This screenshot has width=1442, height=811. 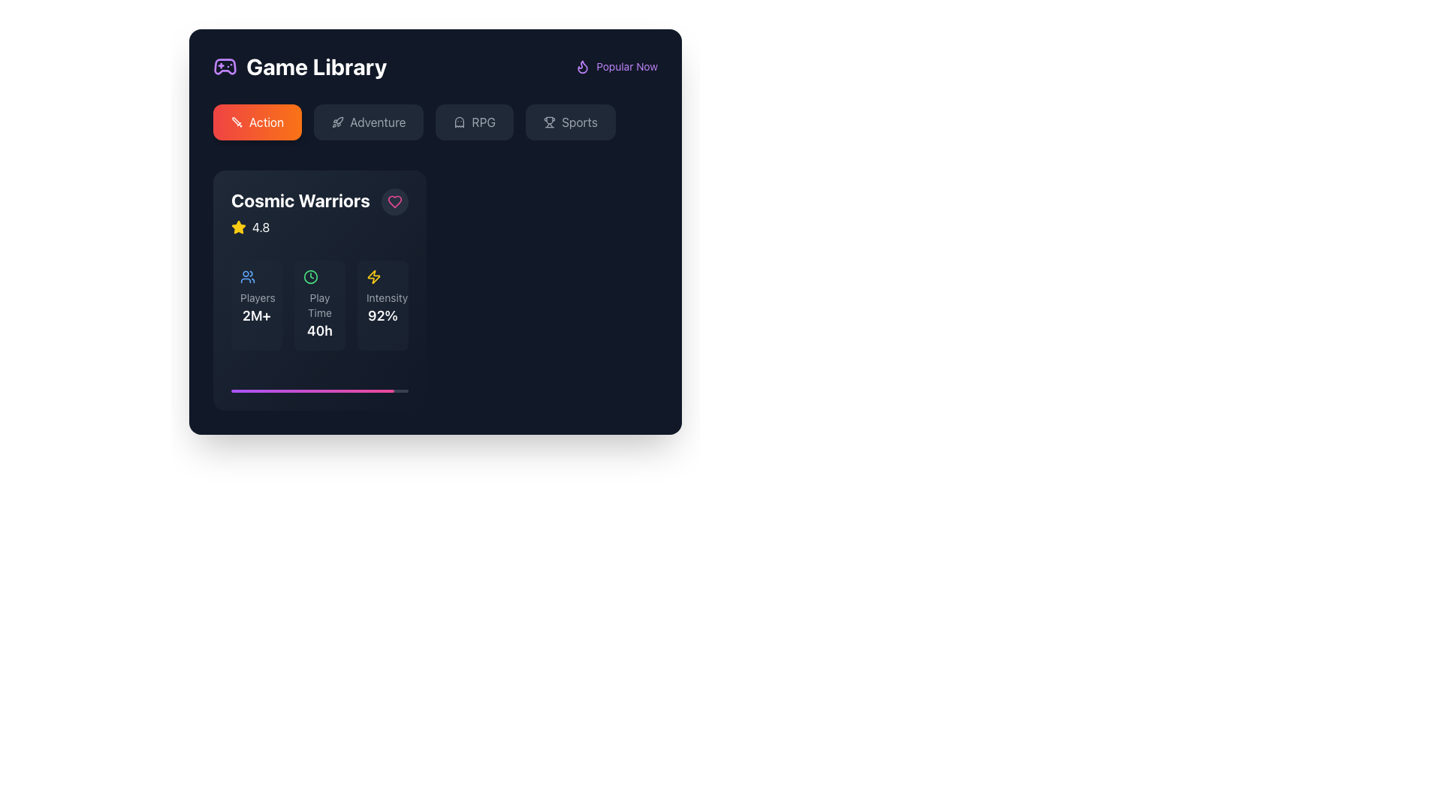 I want to click on rating score displayed next to the yellow star icon in the 'Cosmic Warriors' section, so click(x=261, y=228).